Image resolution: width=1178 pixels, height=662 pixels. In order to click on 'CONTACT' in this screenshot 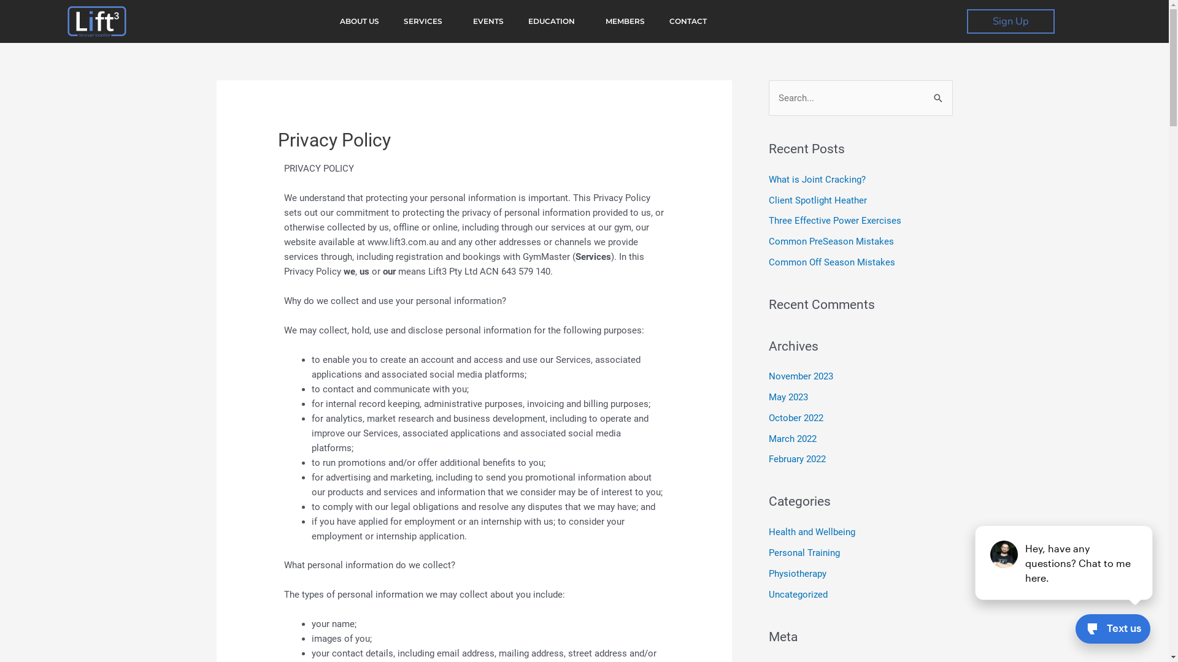, I will do `click(688, 21)`.